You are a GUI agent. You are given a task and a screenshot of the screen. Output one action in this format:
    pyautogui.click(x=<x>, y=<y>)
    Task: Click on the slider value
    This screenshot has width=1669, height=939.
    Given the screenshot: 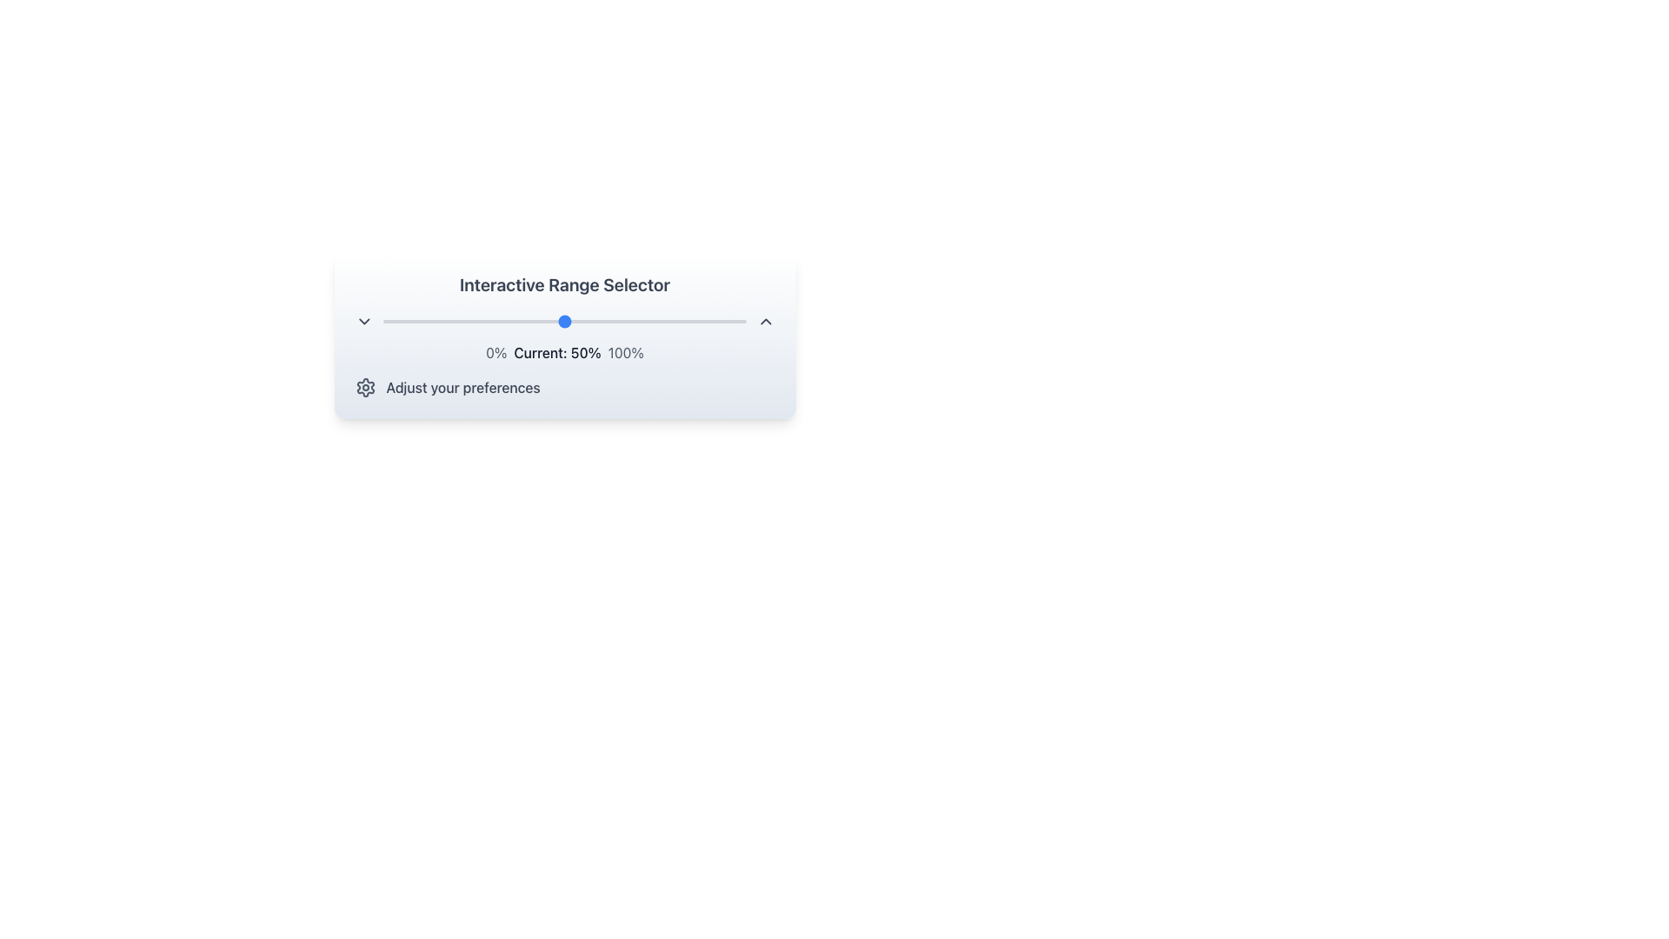 What is the action you would take?
    pyautogui.click(x=477, y=322)
    